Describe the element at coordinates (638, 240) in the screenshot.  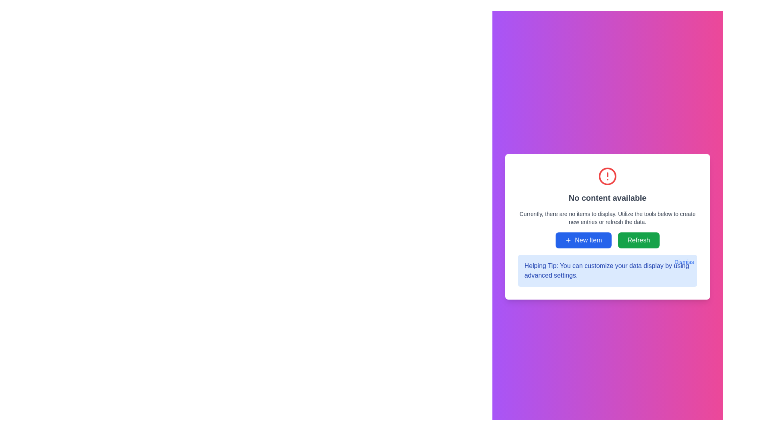
I see `the 'Refresh' button` at that location.